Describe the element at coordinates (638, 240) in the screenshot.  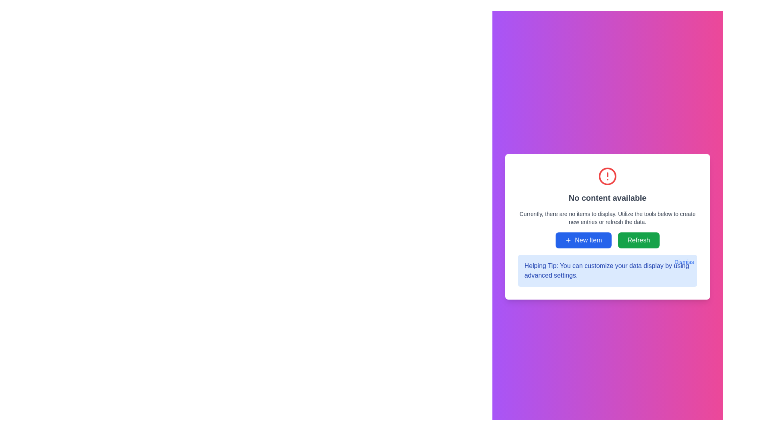
I see `the 'Refresh' button` at that location.